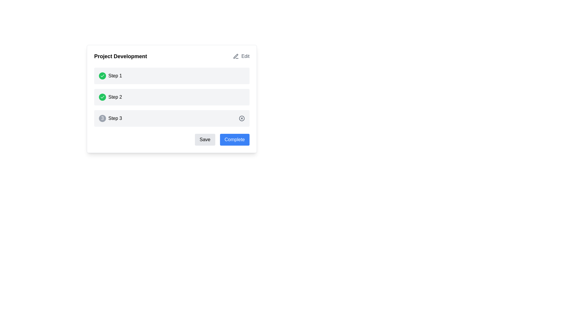  Describe the element at coordinates (115, 97) in the screenshot. I see `the text label for the second step in the progression workflow` at that location.